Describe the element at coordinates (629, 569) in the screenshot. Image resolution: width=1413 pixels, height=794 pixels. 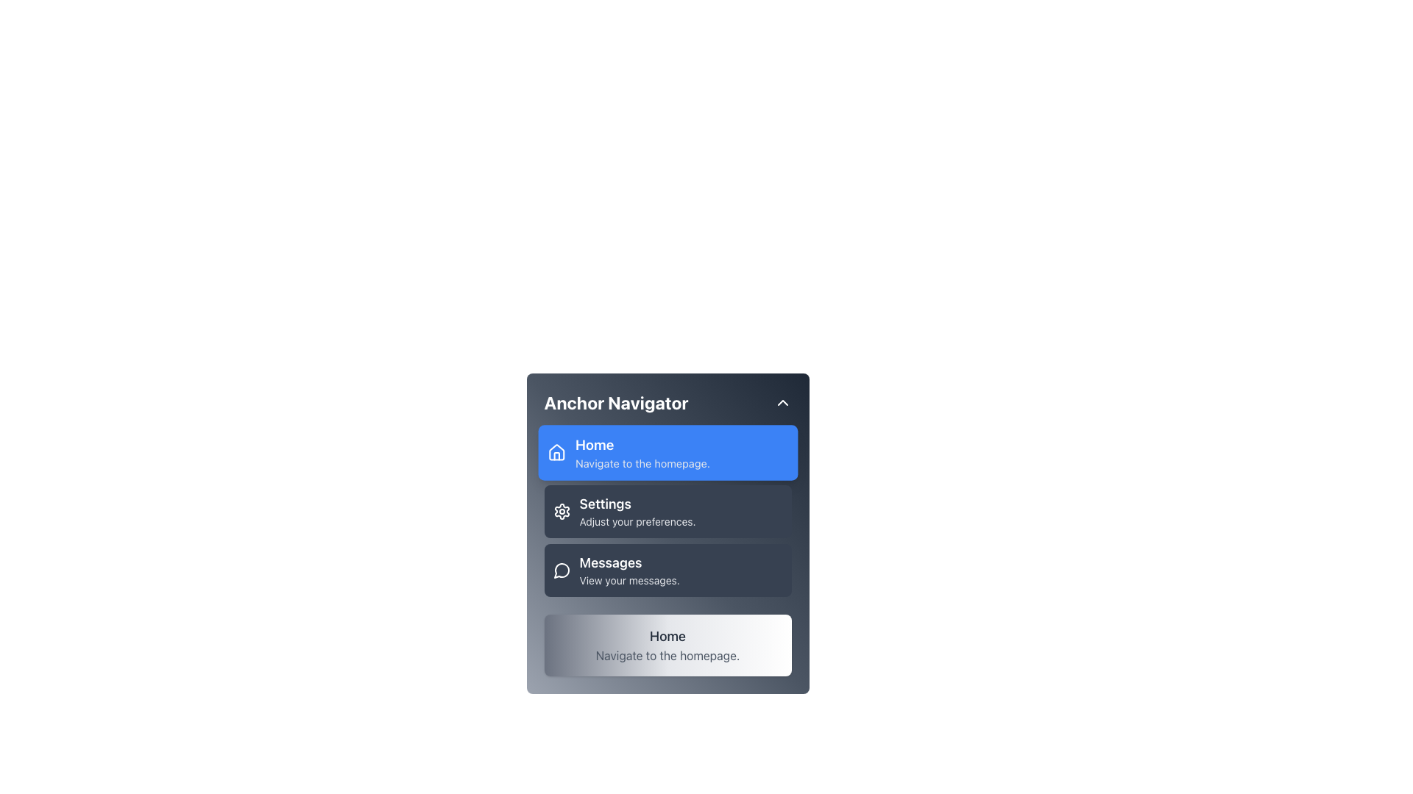
I see `the 'Messages' label in the navigation panel, which is positioned between 'Settings' and 'Home'` at that location.